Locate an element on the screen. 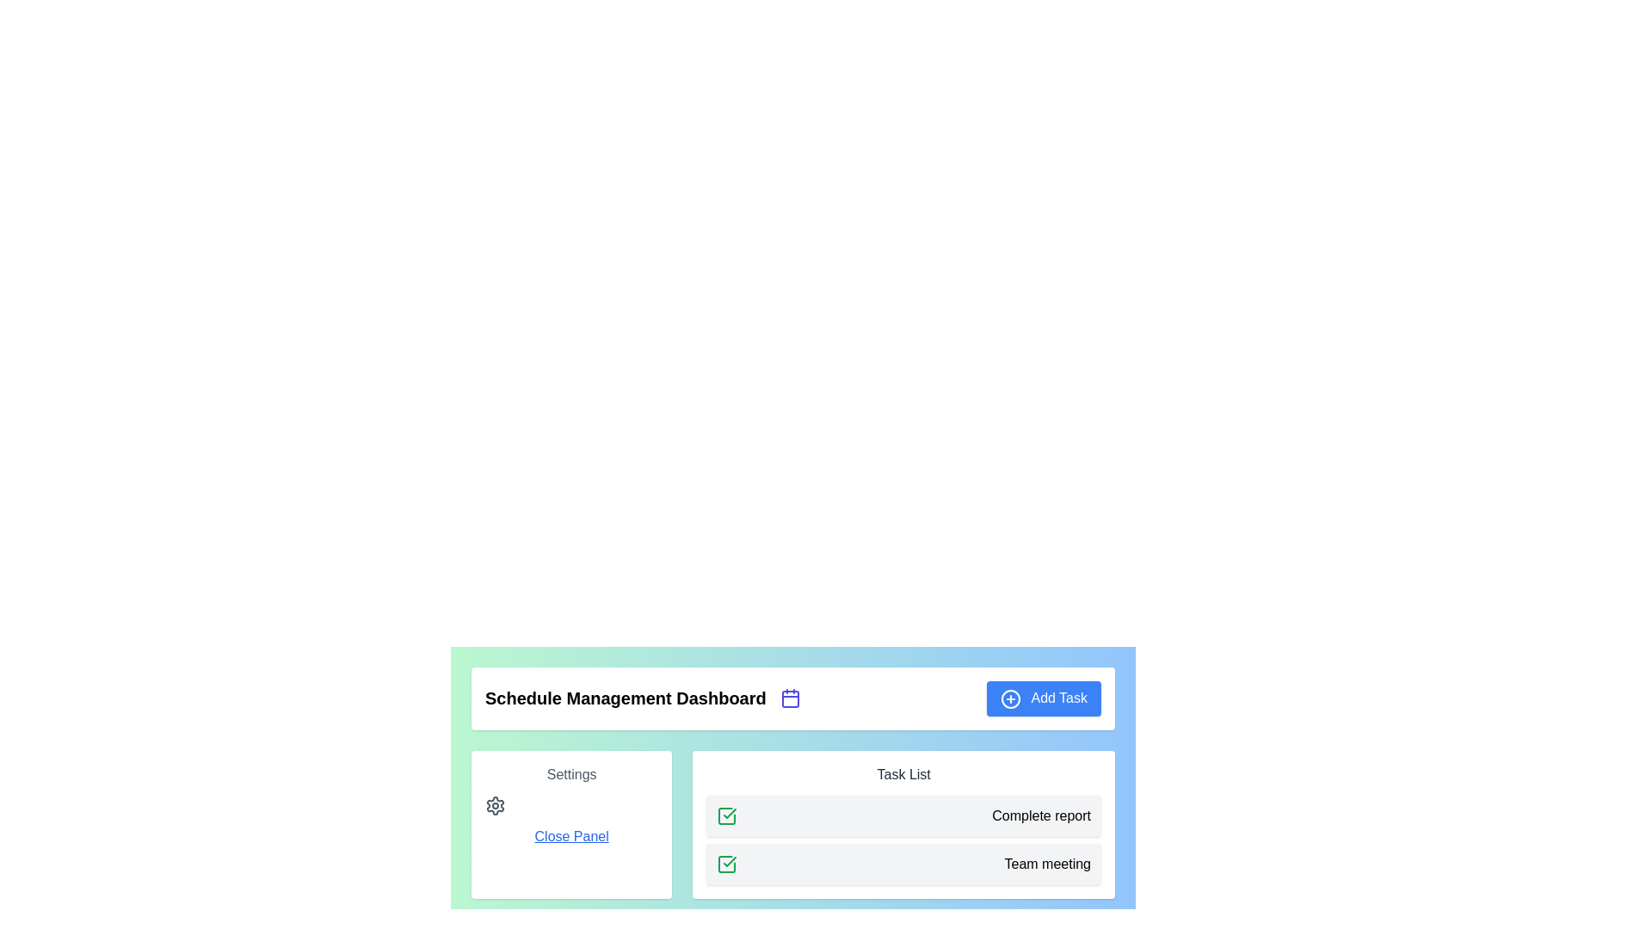 The width and height of the screenshot is (1652, 929). the green square checkbox icon with a checkmark inside is located at coordinates (727, 864).